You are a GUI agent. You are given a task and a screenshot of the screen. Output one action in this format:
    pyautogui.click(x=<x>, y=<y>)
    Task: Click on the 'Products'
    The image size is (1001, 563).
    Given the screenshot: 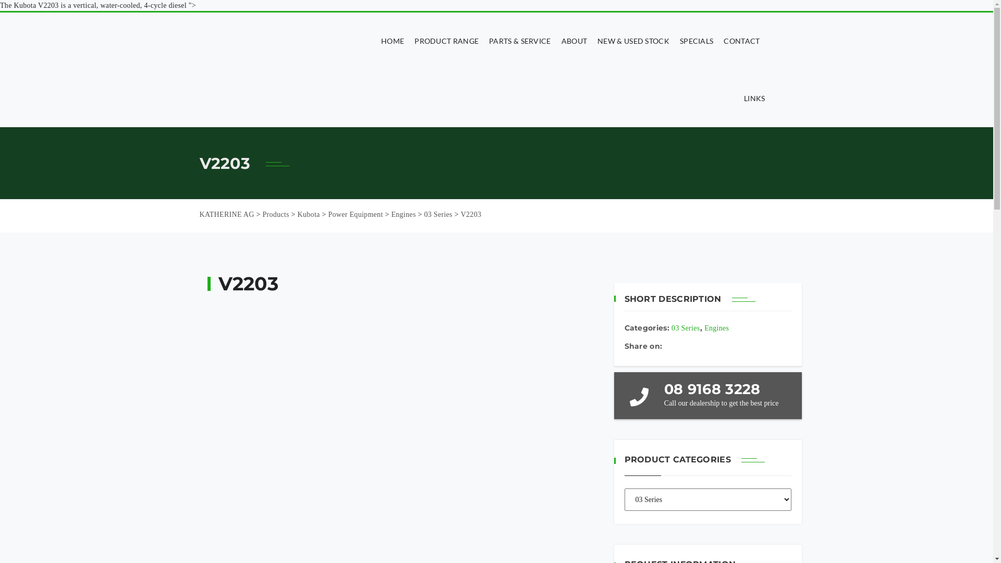 What is the action you would take?
    pyautogui.click(x=275, y=214)
    